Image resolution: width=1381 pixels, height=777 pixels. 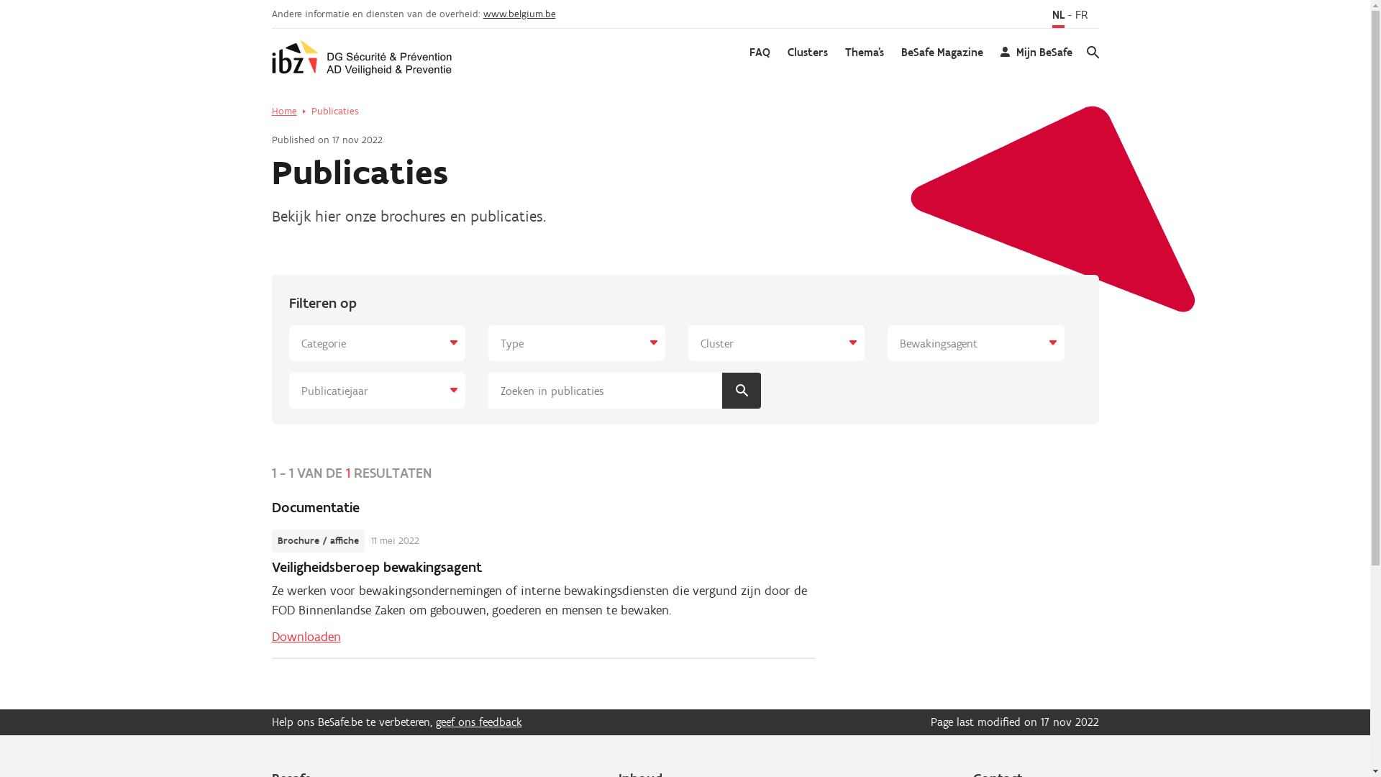 I want to click on 'FR', so click(x=1080, y=16).